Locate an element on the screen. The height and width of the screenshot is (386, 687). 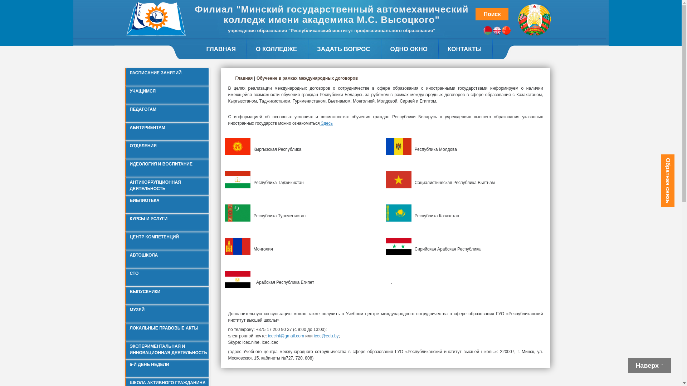
'icec@edu.by' is located at coordinates (314, 336).